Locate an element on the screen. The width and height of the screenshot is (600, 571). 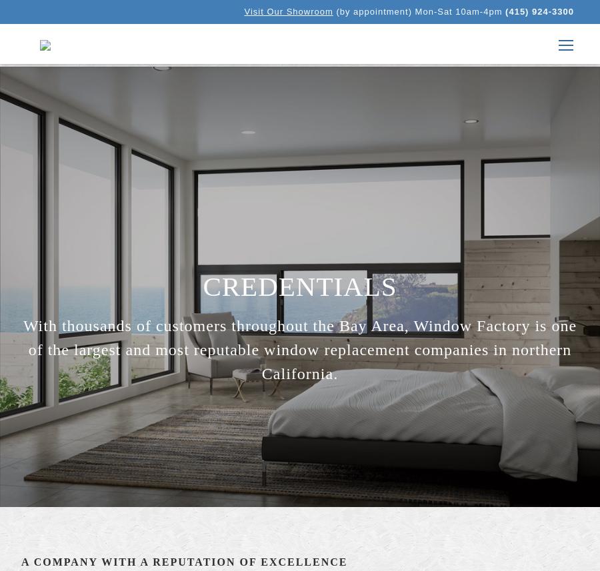
'Visit Our Showroom' is located at coordinates (244, 11).